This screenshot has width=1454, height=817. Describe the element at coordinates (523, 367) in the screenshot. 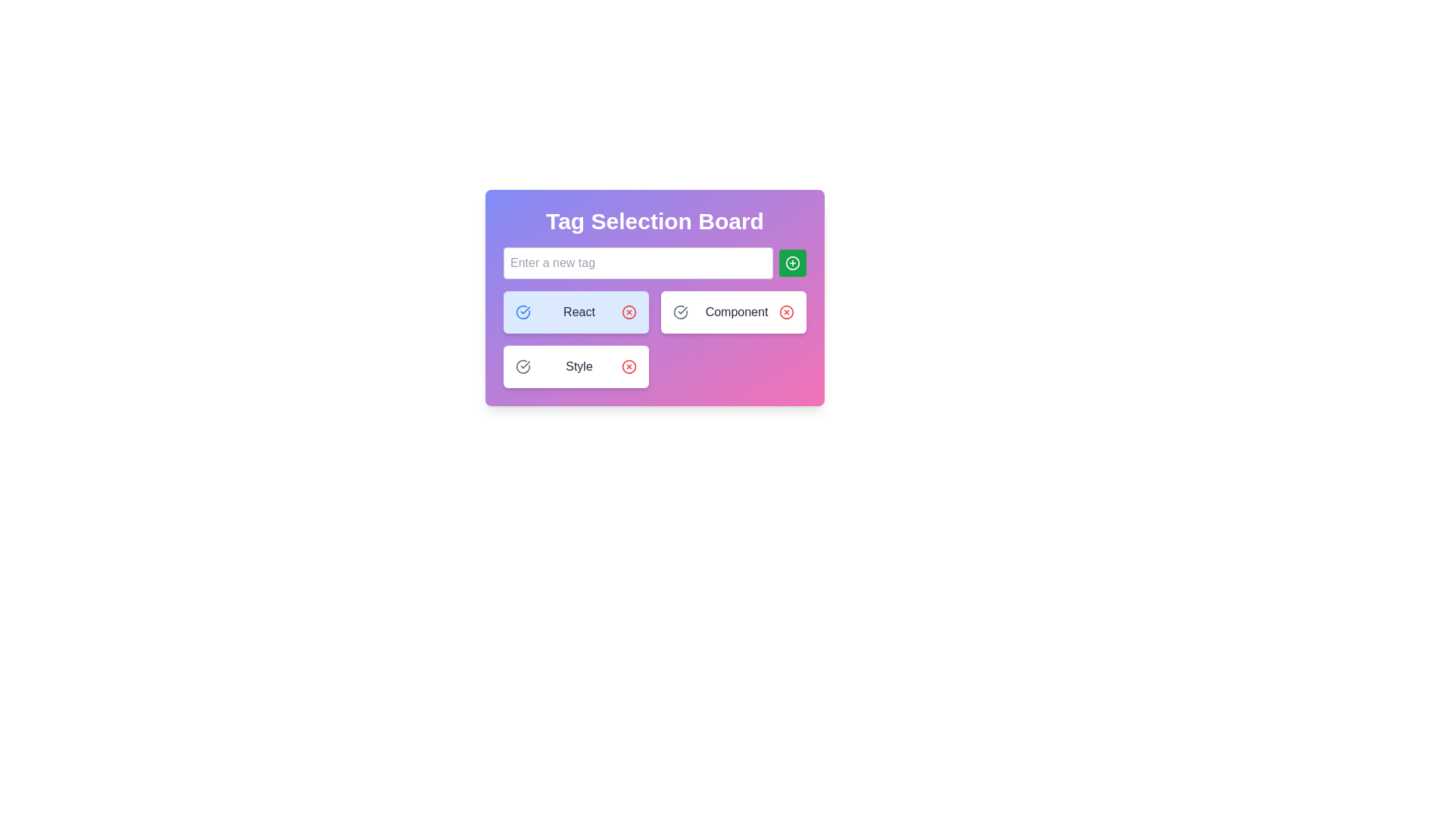

I see `the circular checkmark icon with a gray outline located at the top-left corner of the 'Style' button` at that location.